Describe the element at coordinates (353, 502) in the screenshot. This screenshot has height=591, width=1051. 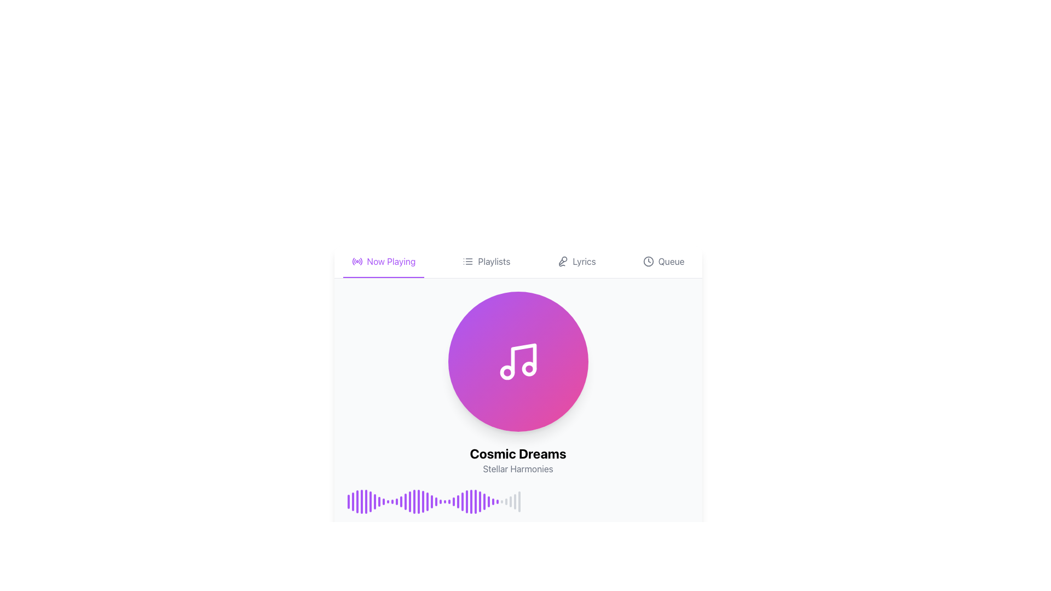
I see `the second vertical bar in the row of multiple bars situated below a circular icon and centered text` at that location.